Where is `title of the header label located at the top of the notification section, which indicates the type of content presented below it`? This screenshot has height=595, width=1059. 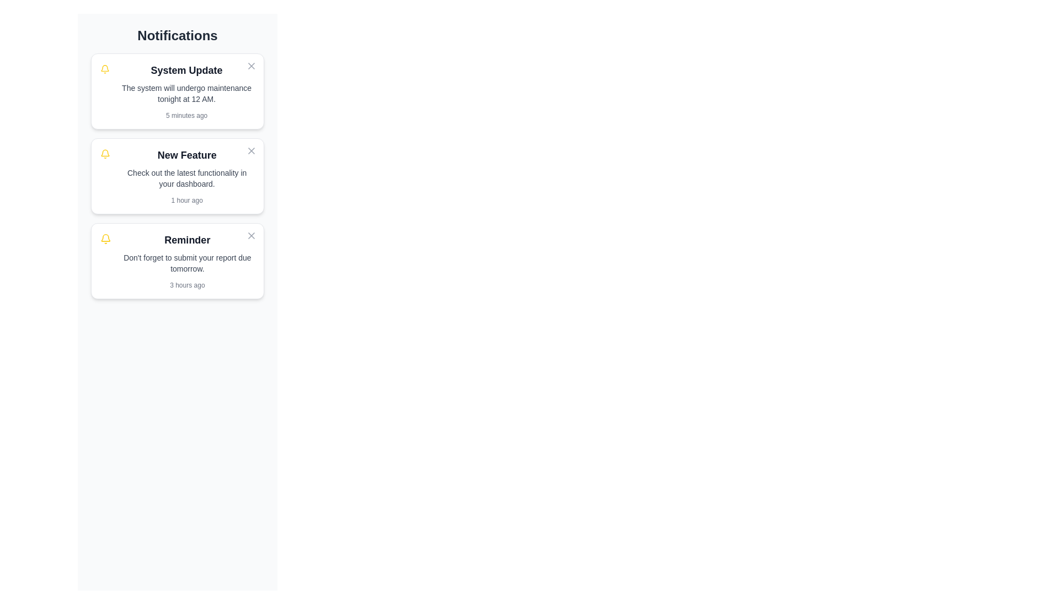 title of the header label located at the top of the notification section, which indicates the type of content presented below it is located at coordinates (177, 35).